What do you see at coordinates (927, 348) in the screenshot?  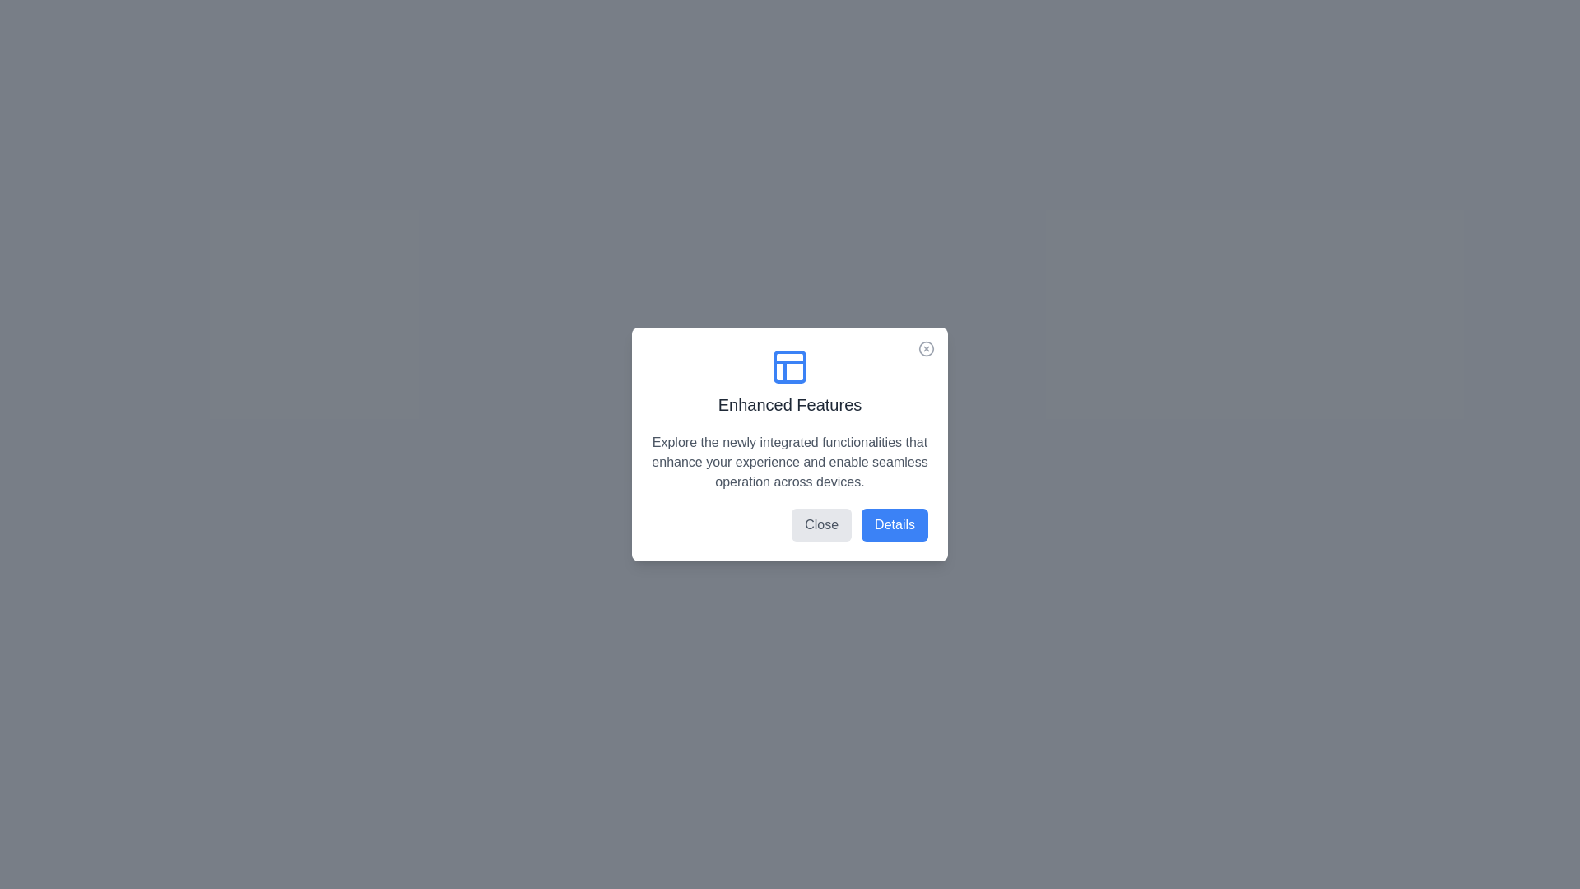 I see `the close button at the top-right corner of the dialog` at bounding box center [927, 348].